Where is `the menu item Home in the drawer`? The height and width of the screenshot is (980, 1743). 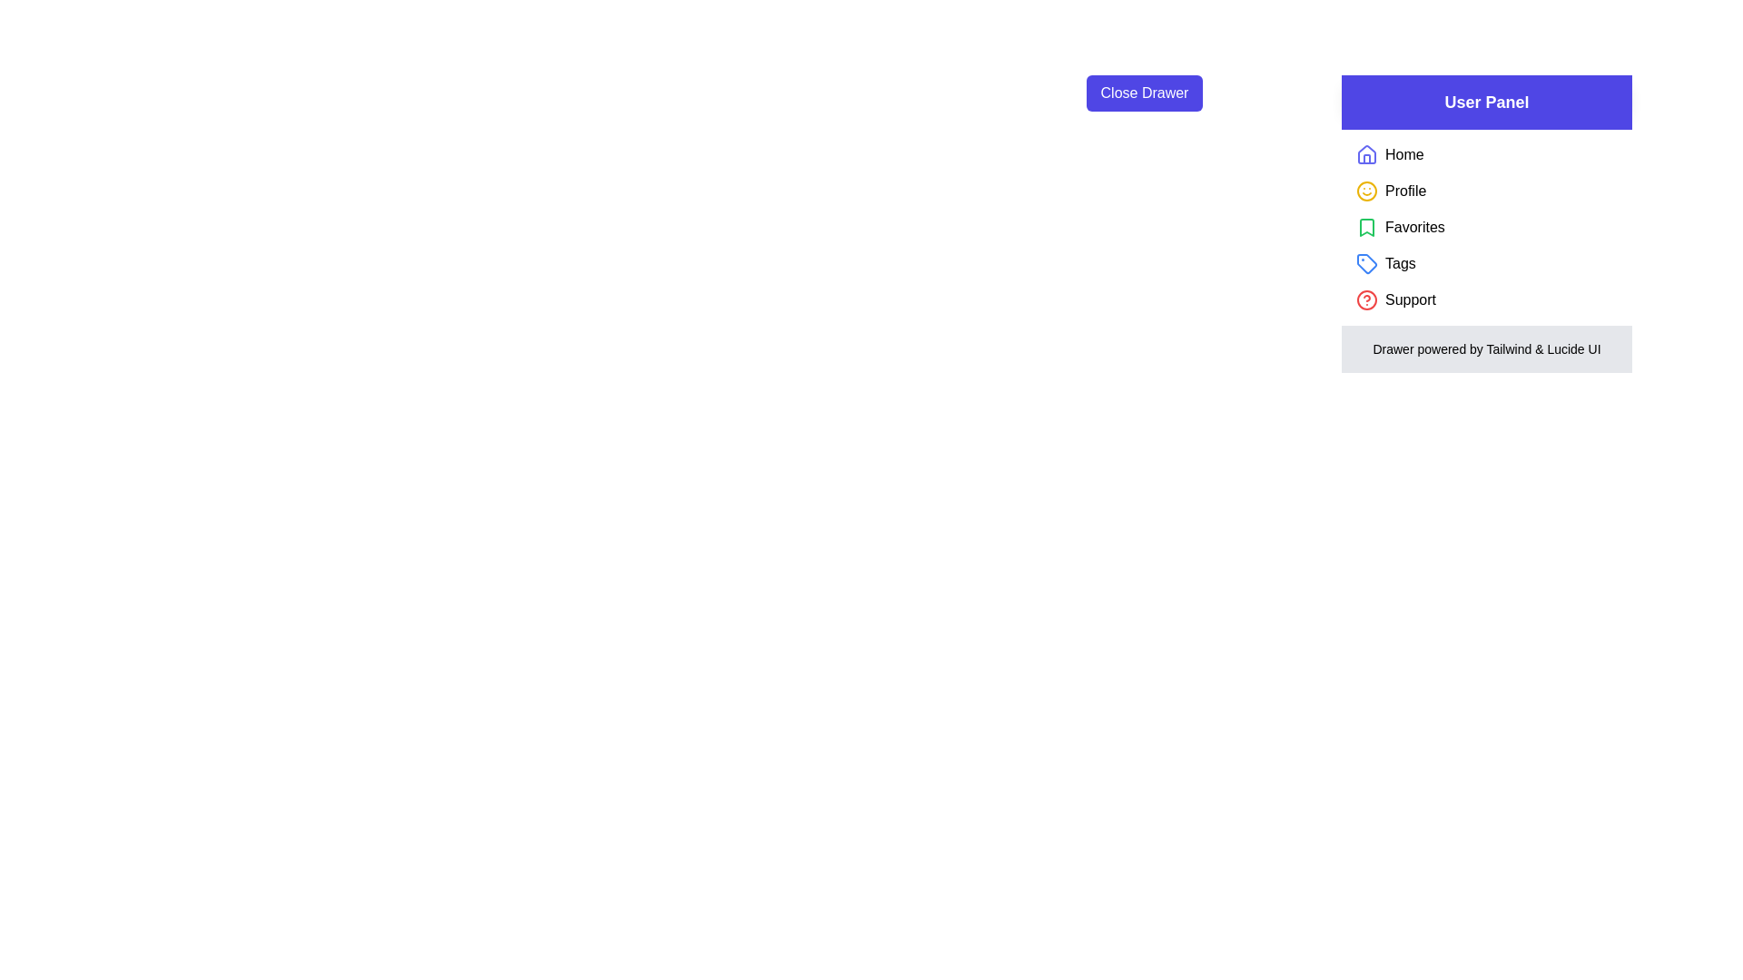 the menu item Home in the drawer is located at coordinates (1403, 153).